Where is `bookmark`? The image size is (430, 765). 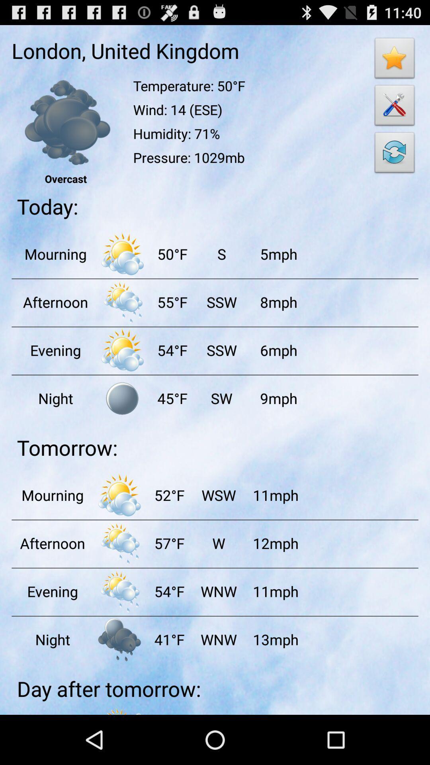
bookmark is located at coordinates (395, 60).